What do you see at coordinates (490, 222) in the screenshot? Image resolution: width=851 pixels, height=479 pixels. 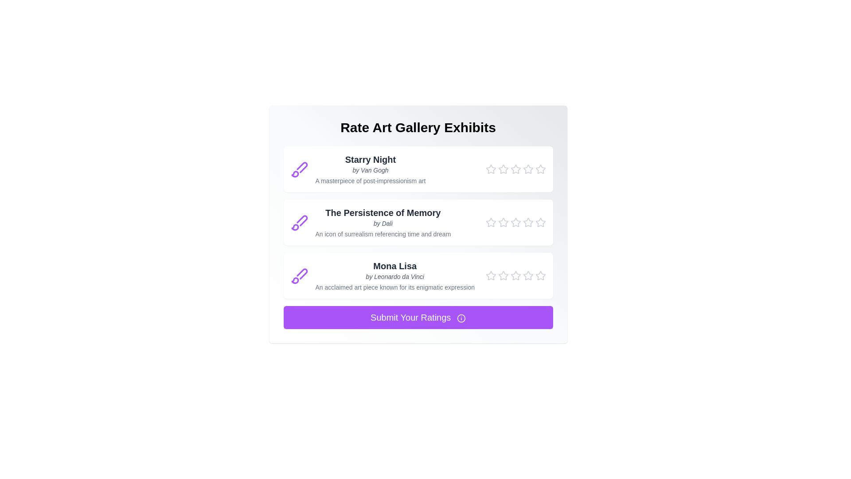 I see `the star corresponding to 1 for the painting titled The Persistence of Memory to set its rating` at bounding box center [490, 222].